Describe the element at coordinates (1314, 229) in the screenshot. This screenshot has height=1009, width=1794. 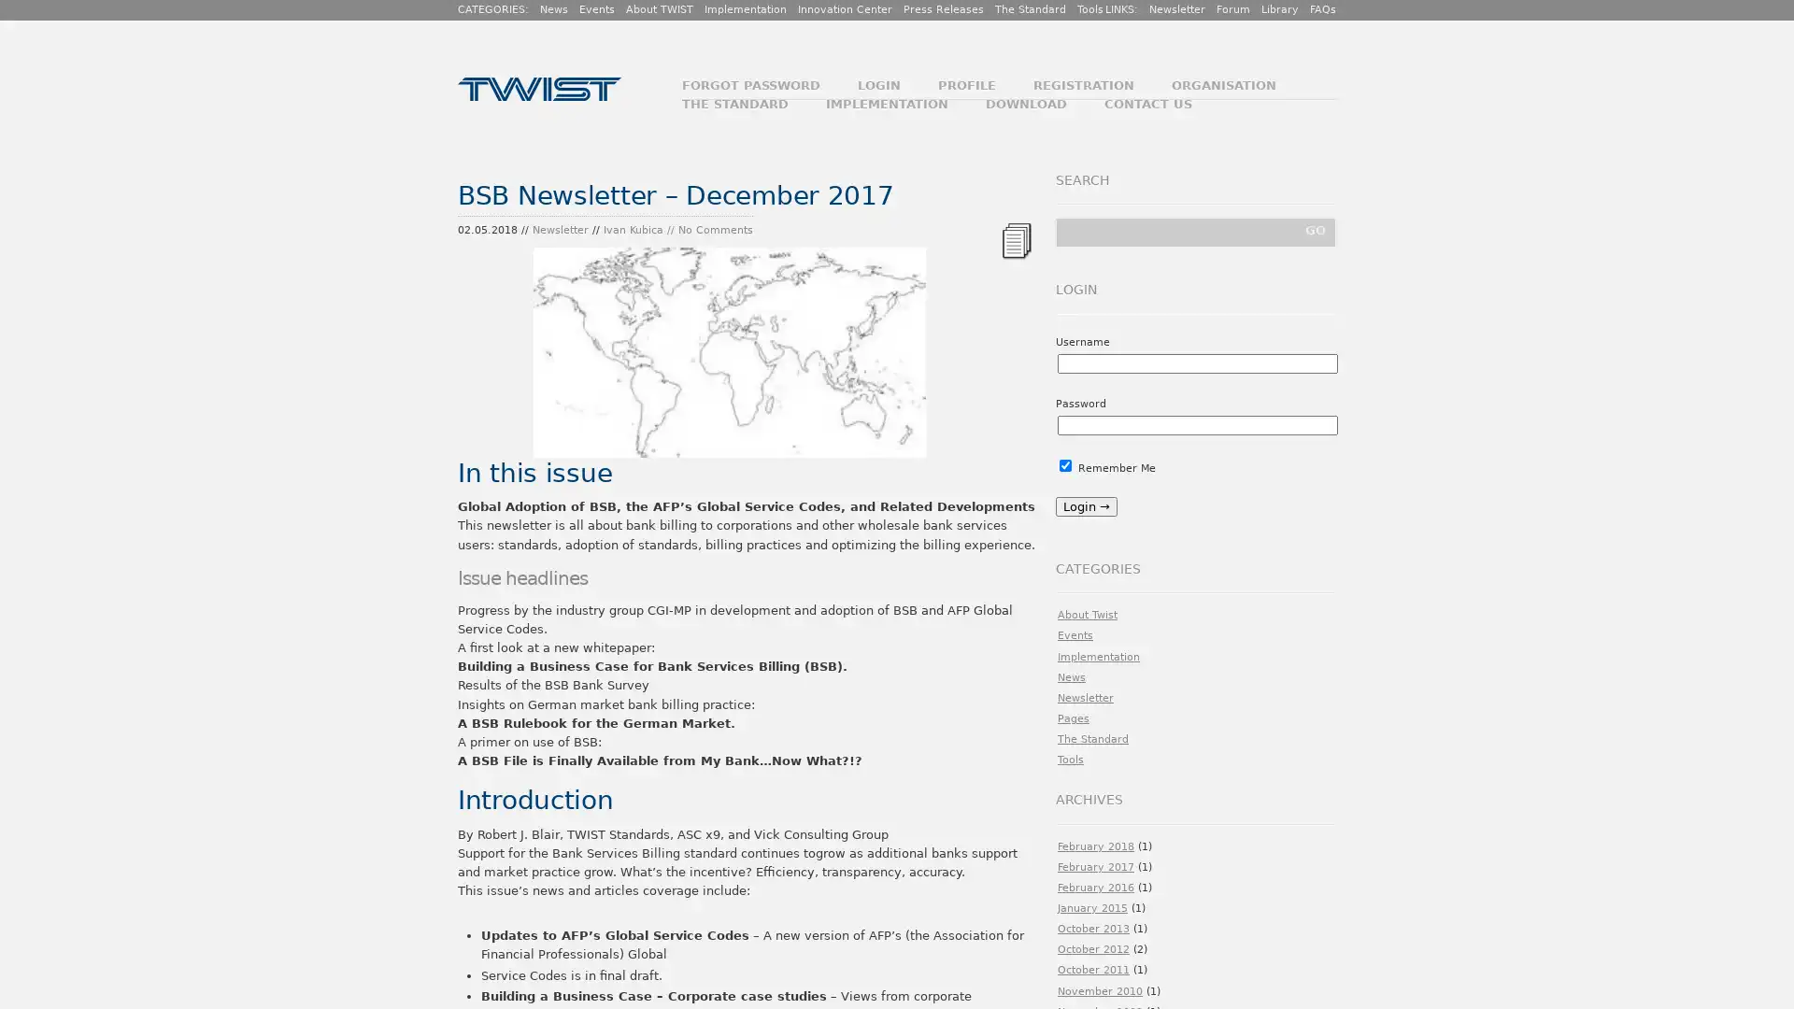
I see `GO` at that location.